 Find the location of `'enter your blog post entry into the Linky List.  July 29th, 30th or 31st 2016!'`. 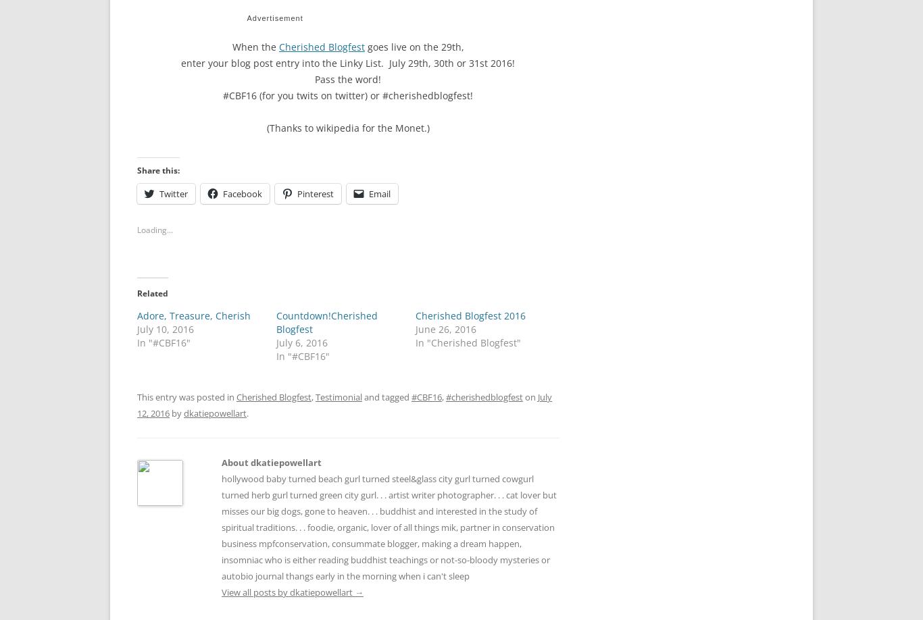

'enter your blog post entry into the Linky List.  July 29th, 30th or 31st 2016!' is located at coordinates (347, 61).